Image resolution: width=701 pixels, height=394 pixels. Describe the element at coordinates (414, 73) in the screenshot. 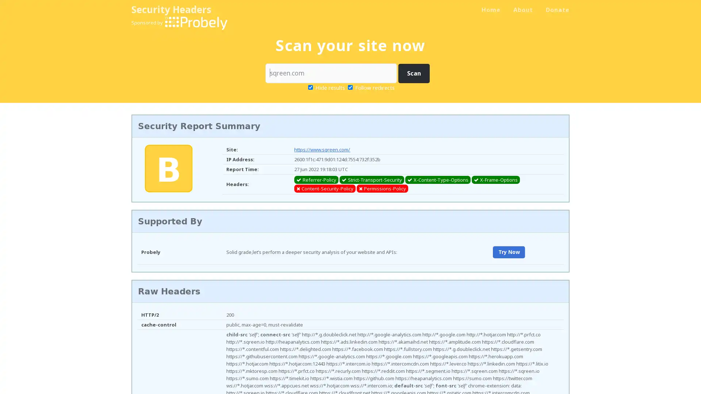

I see `Scan` at that location.